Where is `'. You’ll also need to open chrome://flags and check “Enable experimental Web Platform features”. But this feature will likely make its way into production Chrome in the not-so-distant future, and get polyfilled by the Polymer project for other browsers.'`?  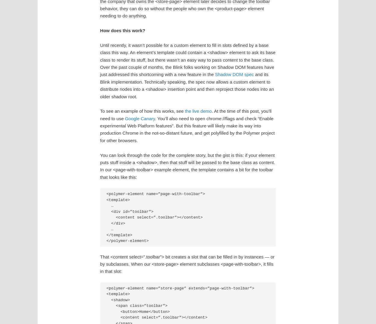
'. You’ll also need to open chrome://flags and check “Enable experimental Web Platform features”. But this feature will likely make its way into production Chrome in the not-so-distant future, and get polyfilled by the Polymer project for other browsers.' is located at coordinates (187, 129).